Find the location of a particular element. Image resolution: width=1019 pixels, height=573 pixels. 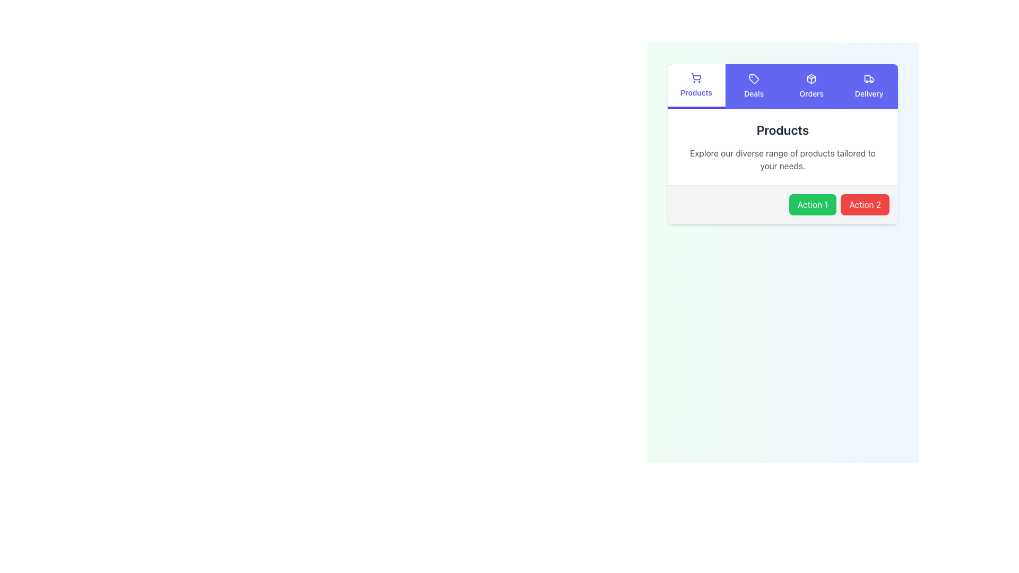

the central textual content component displaying the heading 'Products' and the paragraph 'Explore our diverse range of products tailored to your needs.' located below the navigation bar and above the buttons 'Action 1' and 'Action 2.' is located at coordinates (782, 147).